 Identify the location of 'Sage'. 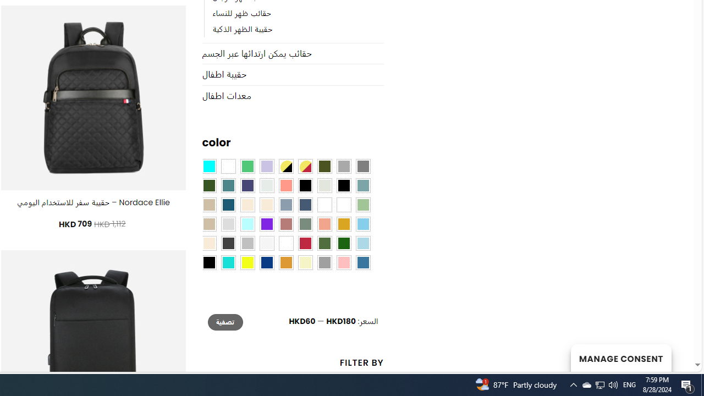
(305, 224).